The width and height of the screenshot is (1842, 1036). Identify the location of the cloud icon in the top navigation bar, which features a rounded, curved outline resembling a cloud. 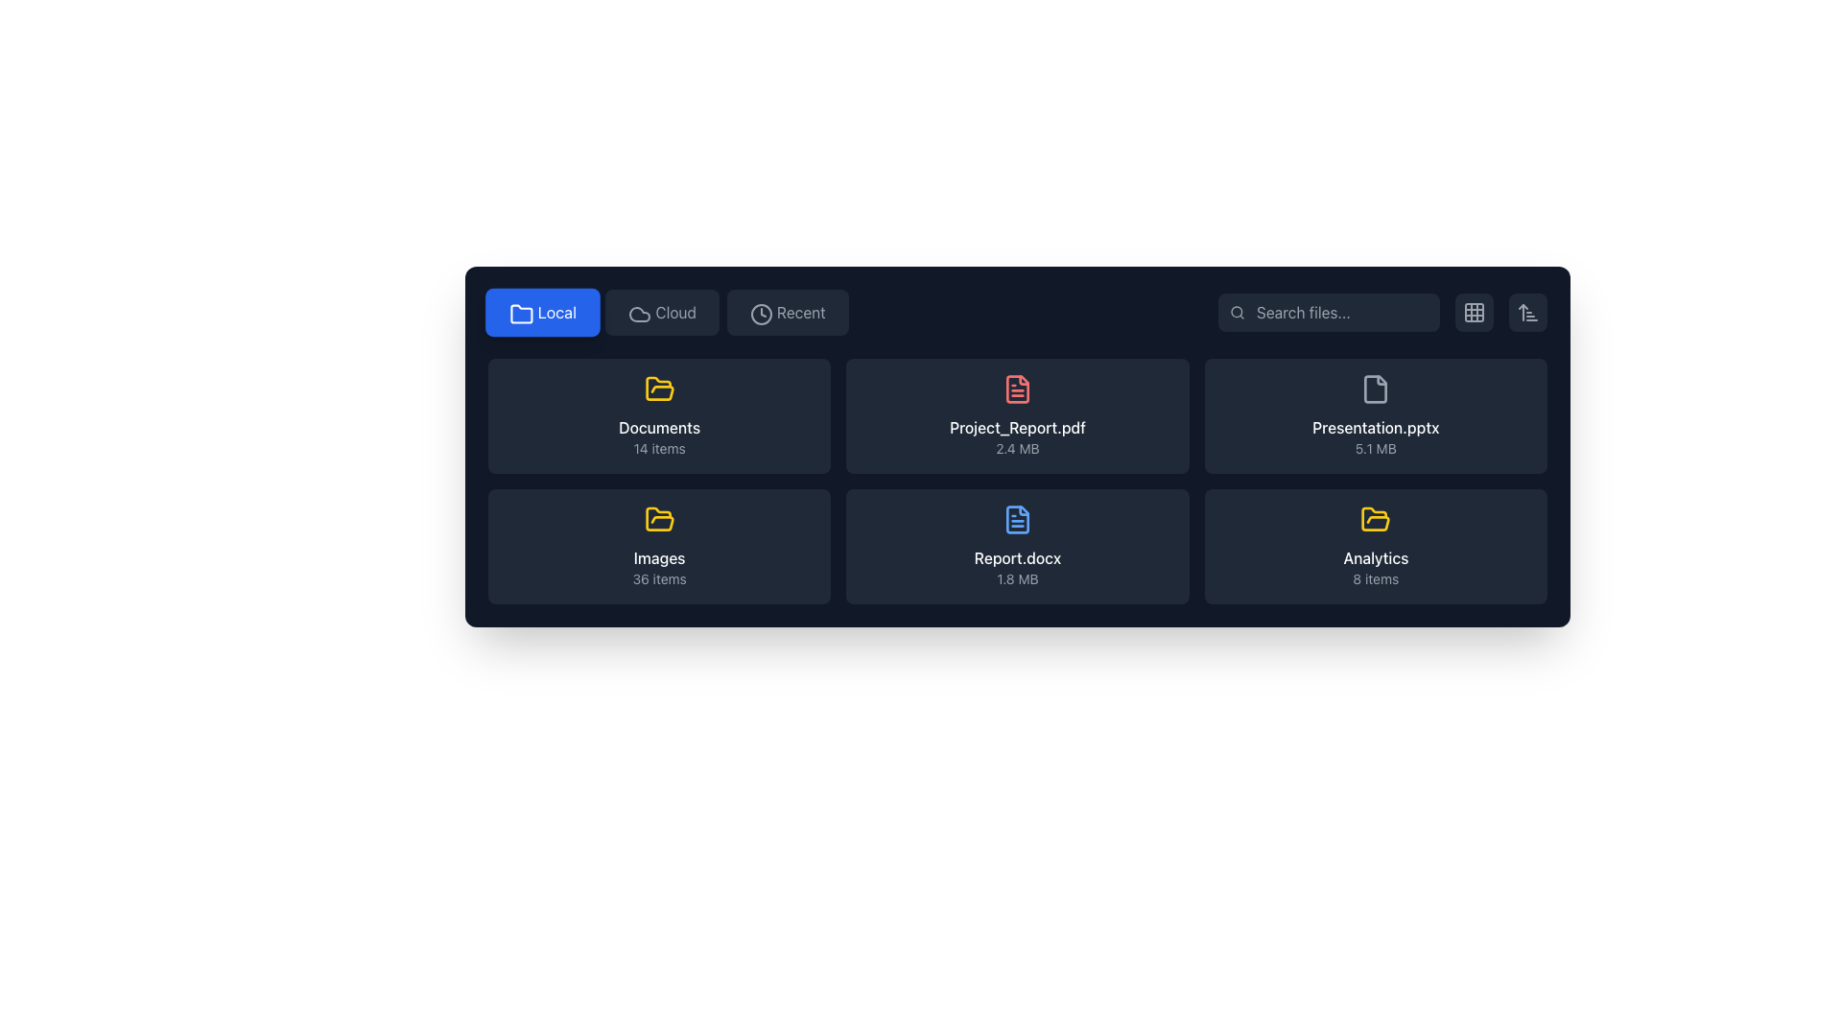
(640, 313).